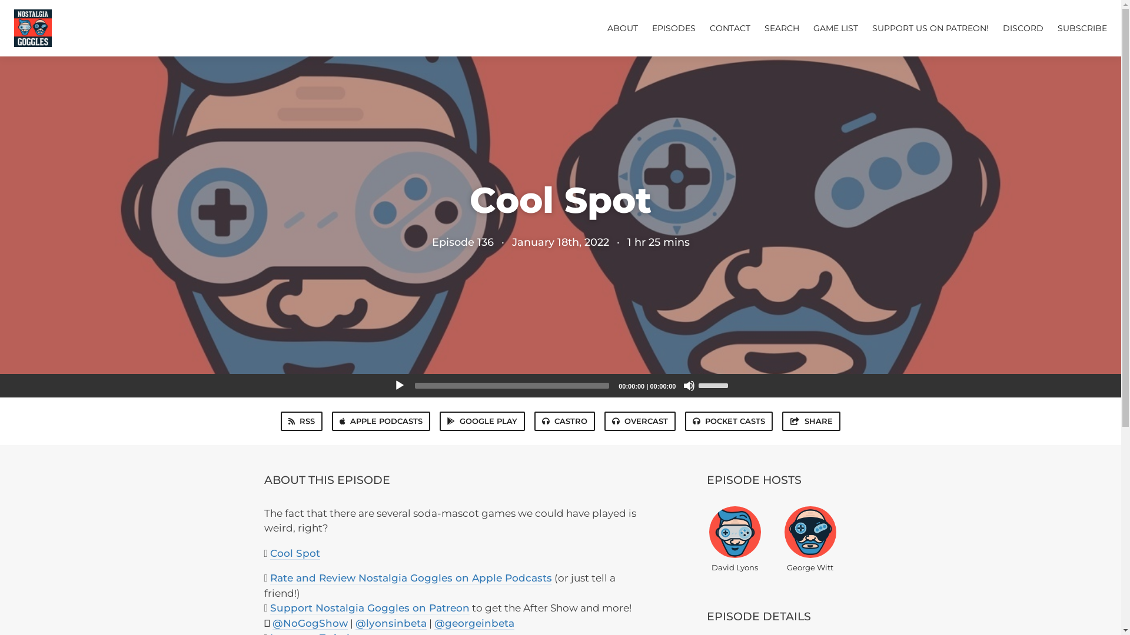 This screenshot has width=1130, height=635. What do you see at coordinates (684, 420) in the screenshot?
I see `'POCKET CASTS'` at bounding box center [684, 420].